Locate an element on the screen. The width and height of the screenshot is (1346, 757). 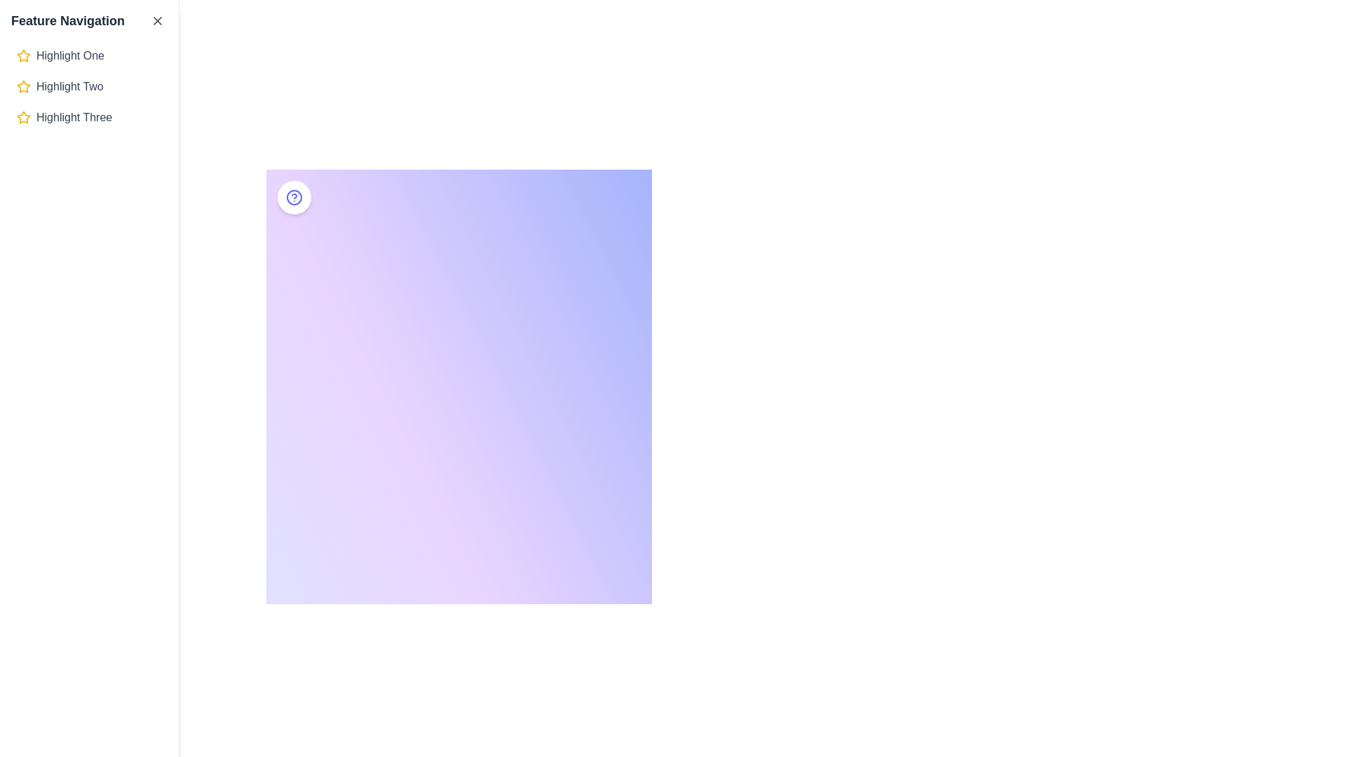
the 'Highlight Two' navigation list item, which is the second item in the vertical list on the left sidebar, featuring a yellow star icon and styled text in a standard sans-serif font is located at coordinates (88, 86).